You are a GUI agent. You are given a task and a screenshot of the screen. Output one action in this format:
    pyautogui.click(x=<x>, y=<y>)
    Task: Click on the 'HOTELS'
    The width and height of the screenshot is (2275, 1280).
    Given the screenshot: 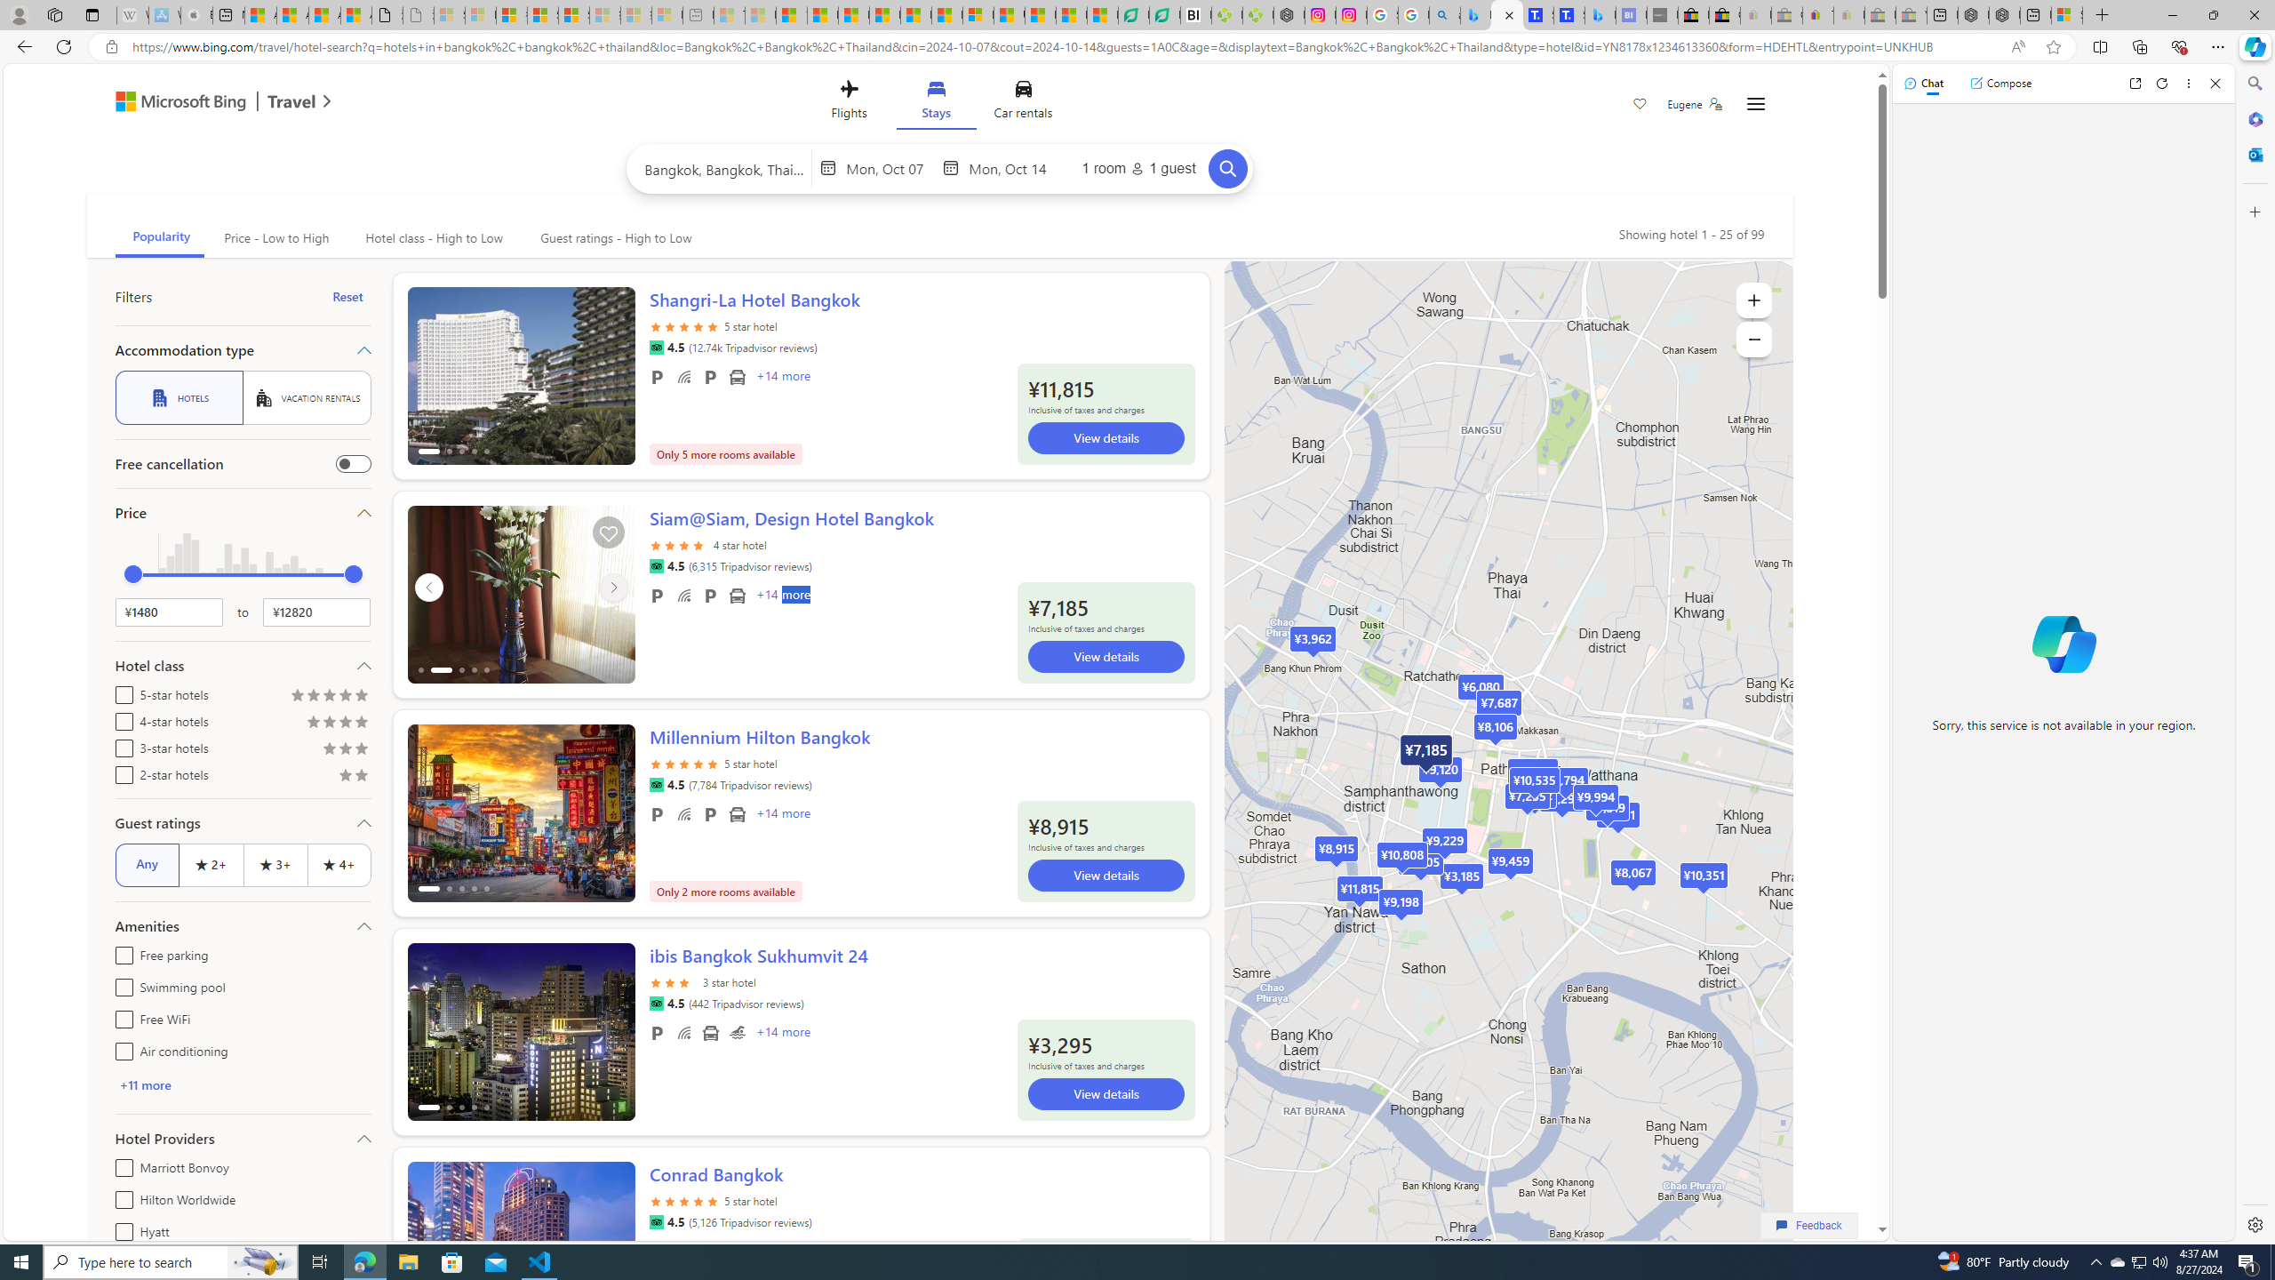 What is the action you would take?
    pyautogui.click(x=177, y=397)
    